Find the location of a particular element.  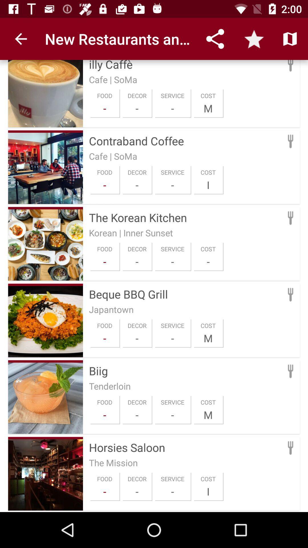

the item to the left of the cost icon is located at coordinates (172, 415).